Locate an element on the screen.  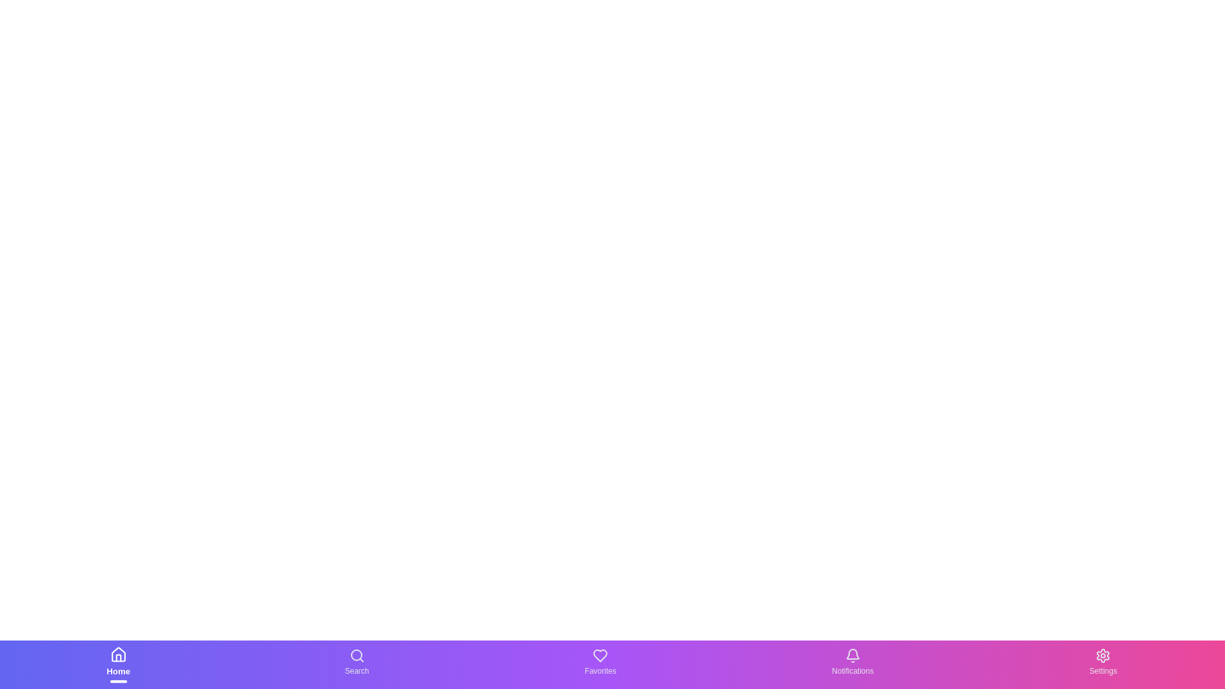
the Search text label in the bottom navigation is located at coordinates (357, 663).